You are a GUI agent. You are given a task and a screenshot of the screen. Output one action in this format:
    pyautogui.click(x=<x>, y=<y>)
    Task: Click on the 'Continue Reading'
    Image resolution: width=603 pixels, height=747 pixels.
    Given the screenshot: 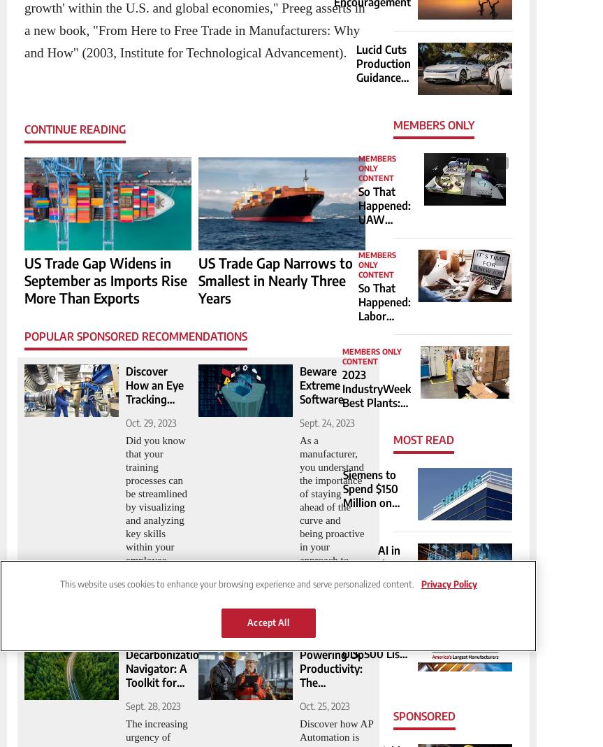 What is the action you would take?
    pyautogui.click(x=74, y=129)
    